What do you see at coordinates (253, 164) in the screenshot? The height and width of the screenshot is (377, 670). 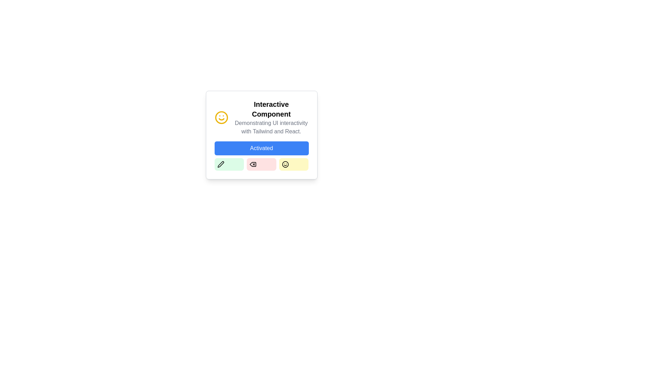 I see `the delete icon located in the grid of buttons beneath the 'Activated' blue button` at bounding box center [253, 164].